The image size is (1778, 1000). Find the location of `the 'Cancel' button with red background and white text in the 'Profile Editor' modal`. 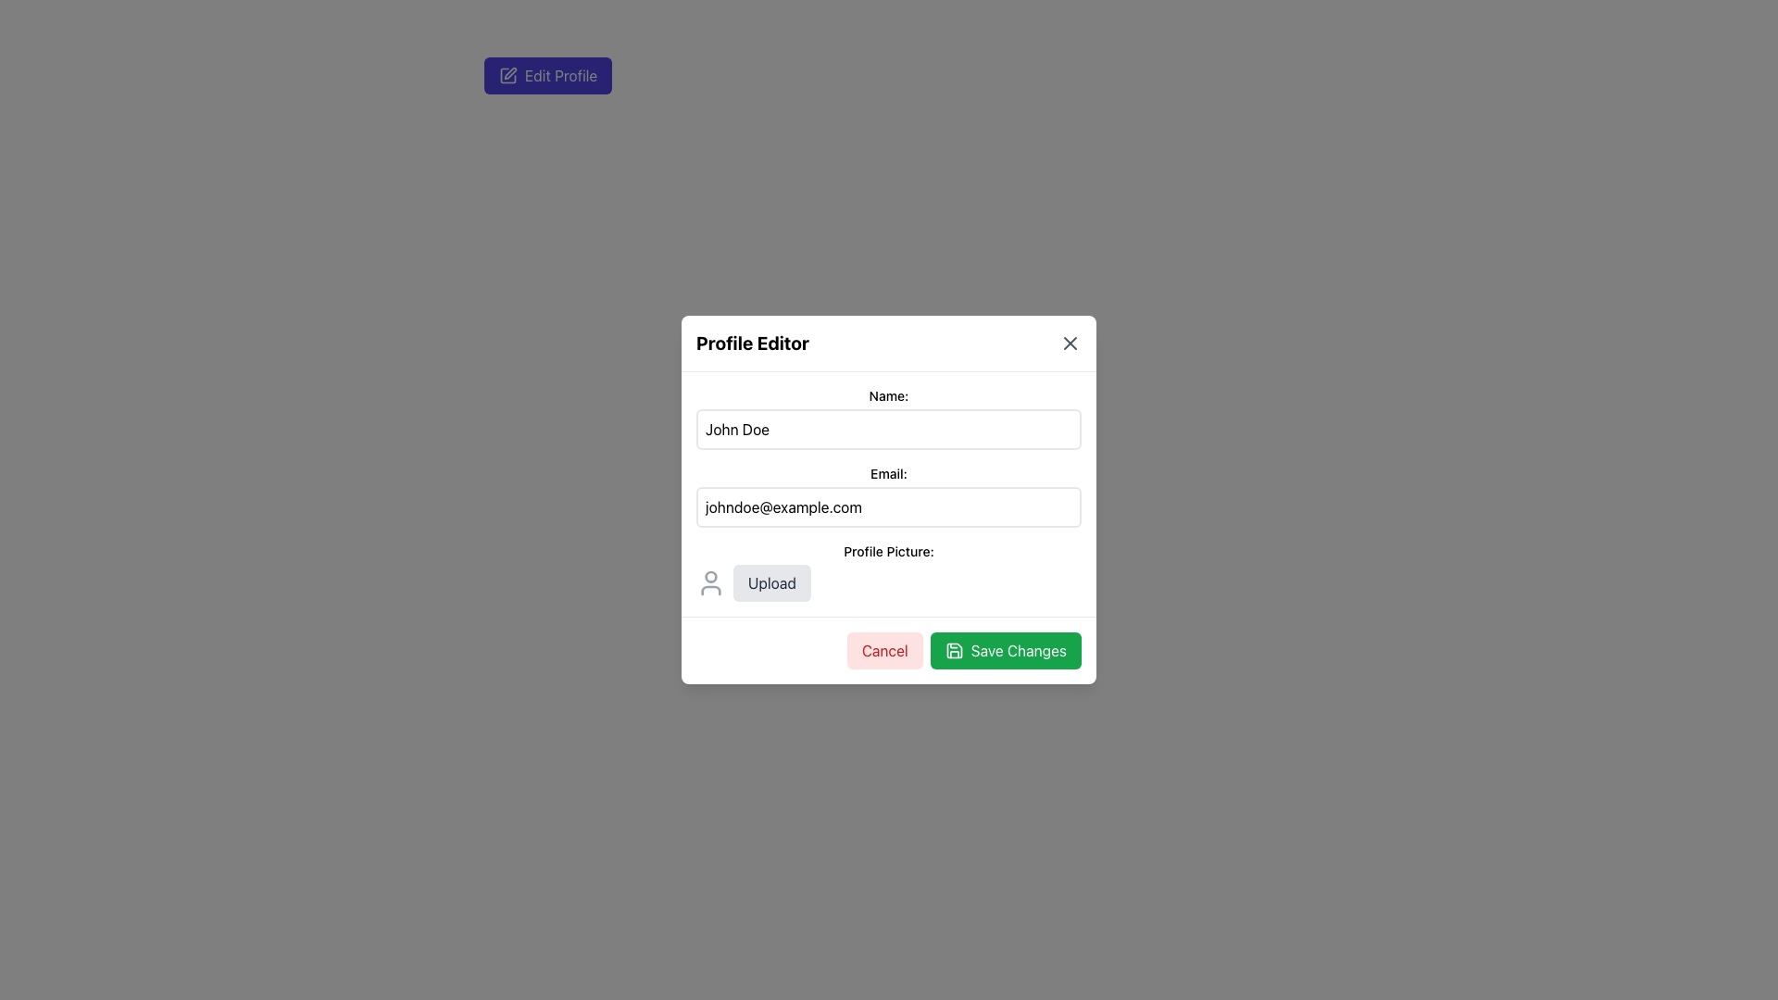

the 'Cancel' button with red background and white text in the 'Profile Editor' modal is located at coordinates (883, 649).